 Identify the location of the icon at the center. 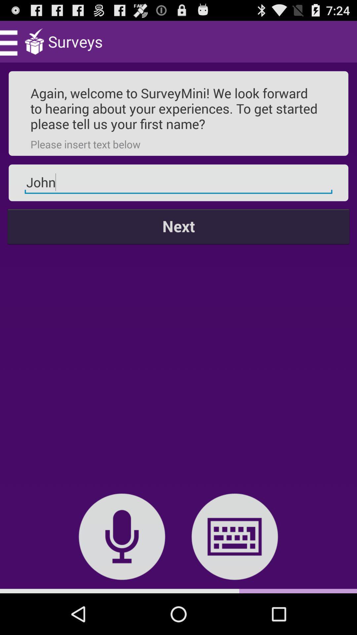
(178, 226).